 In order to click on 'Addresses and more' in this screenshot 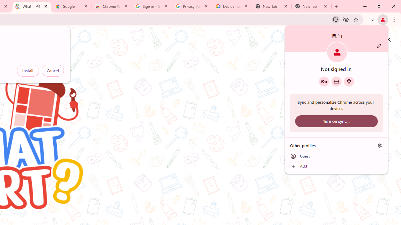, I will do `click(349, 81)`.